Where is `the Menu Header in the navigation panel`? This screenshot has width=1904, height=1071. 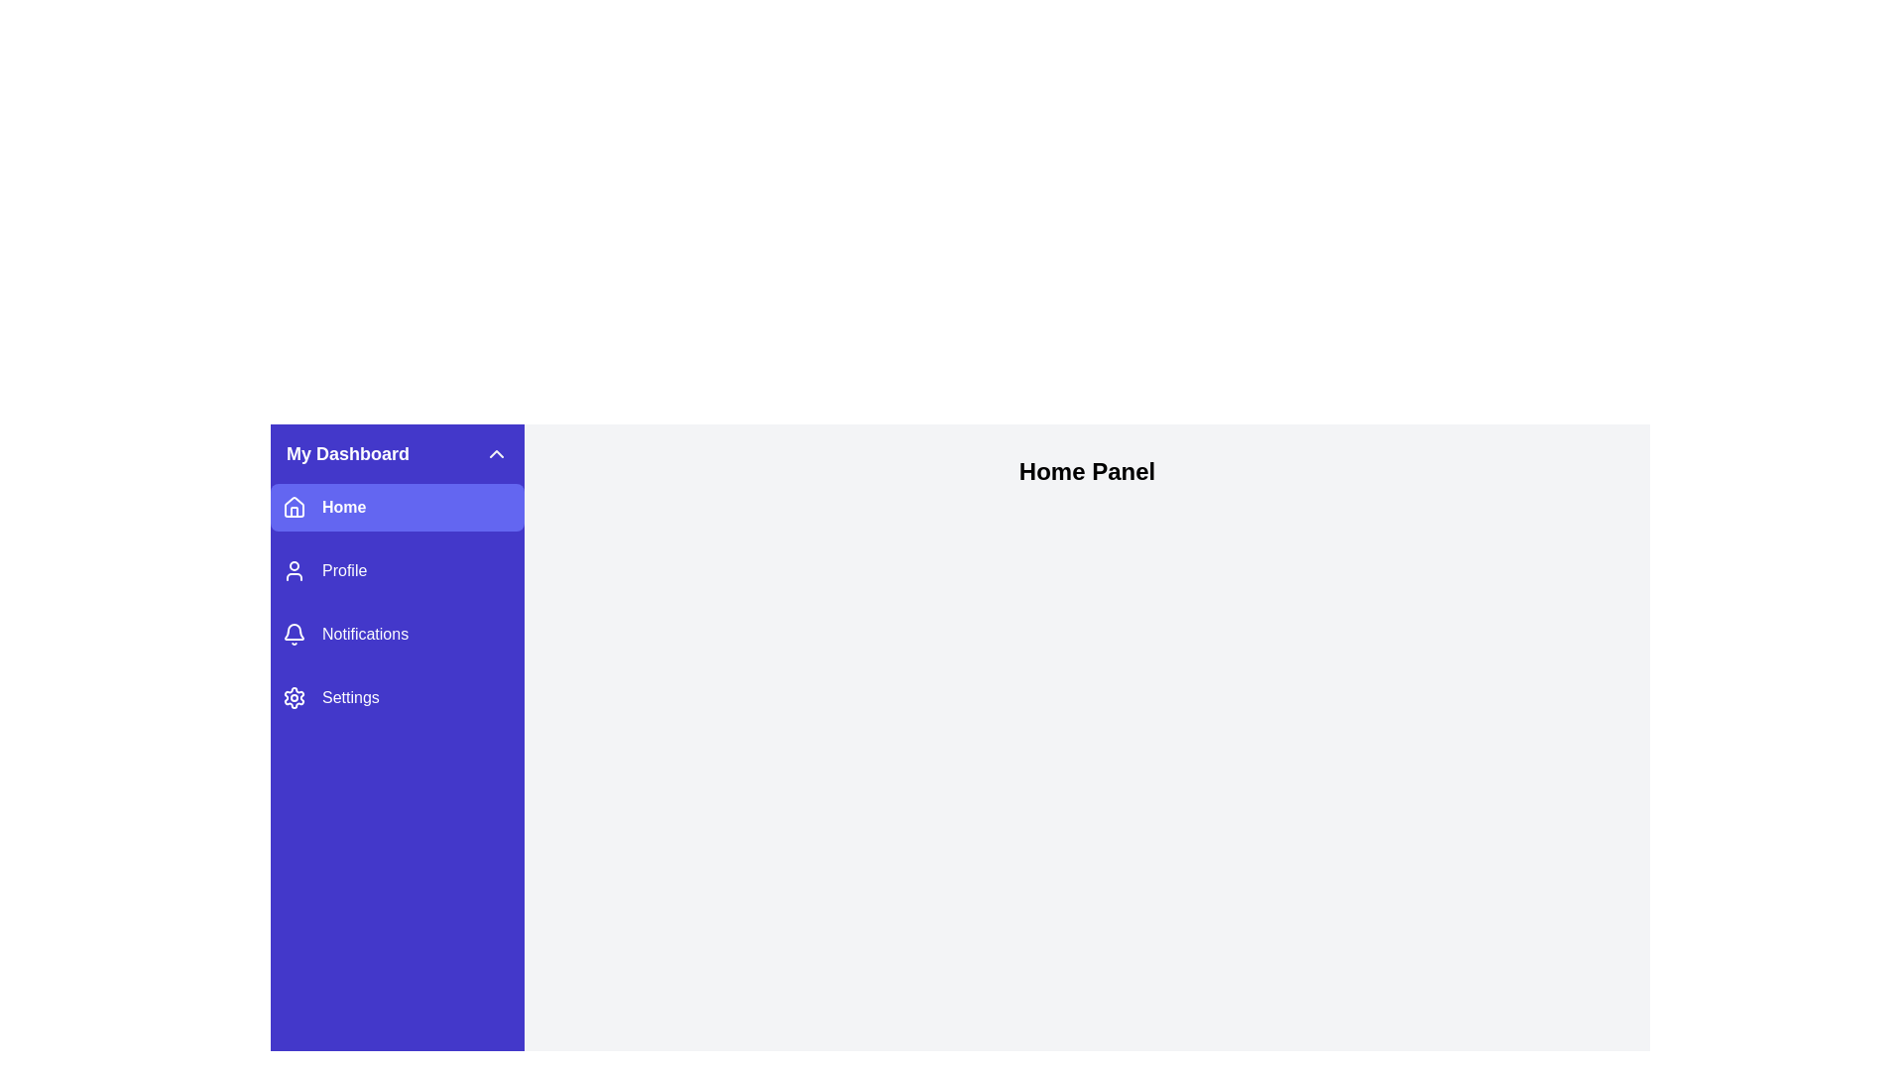 the Menu Header in the navigation panel is located at coordinates (397, 454).